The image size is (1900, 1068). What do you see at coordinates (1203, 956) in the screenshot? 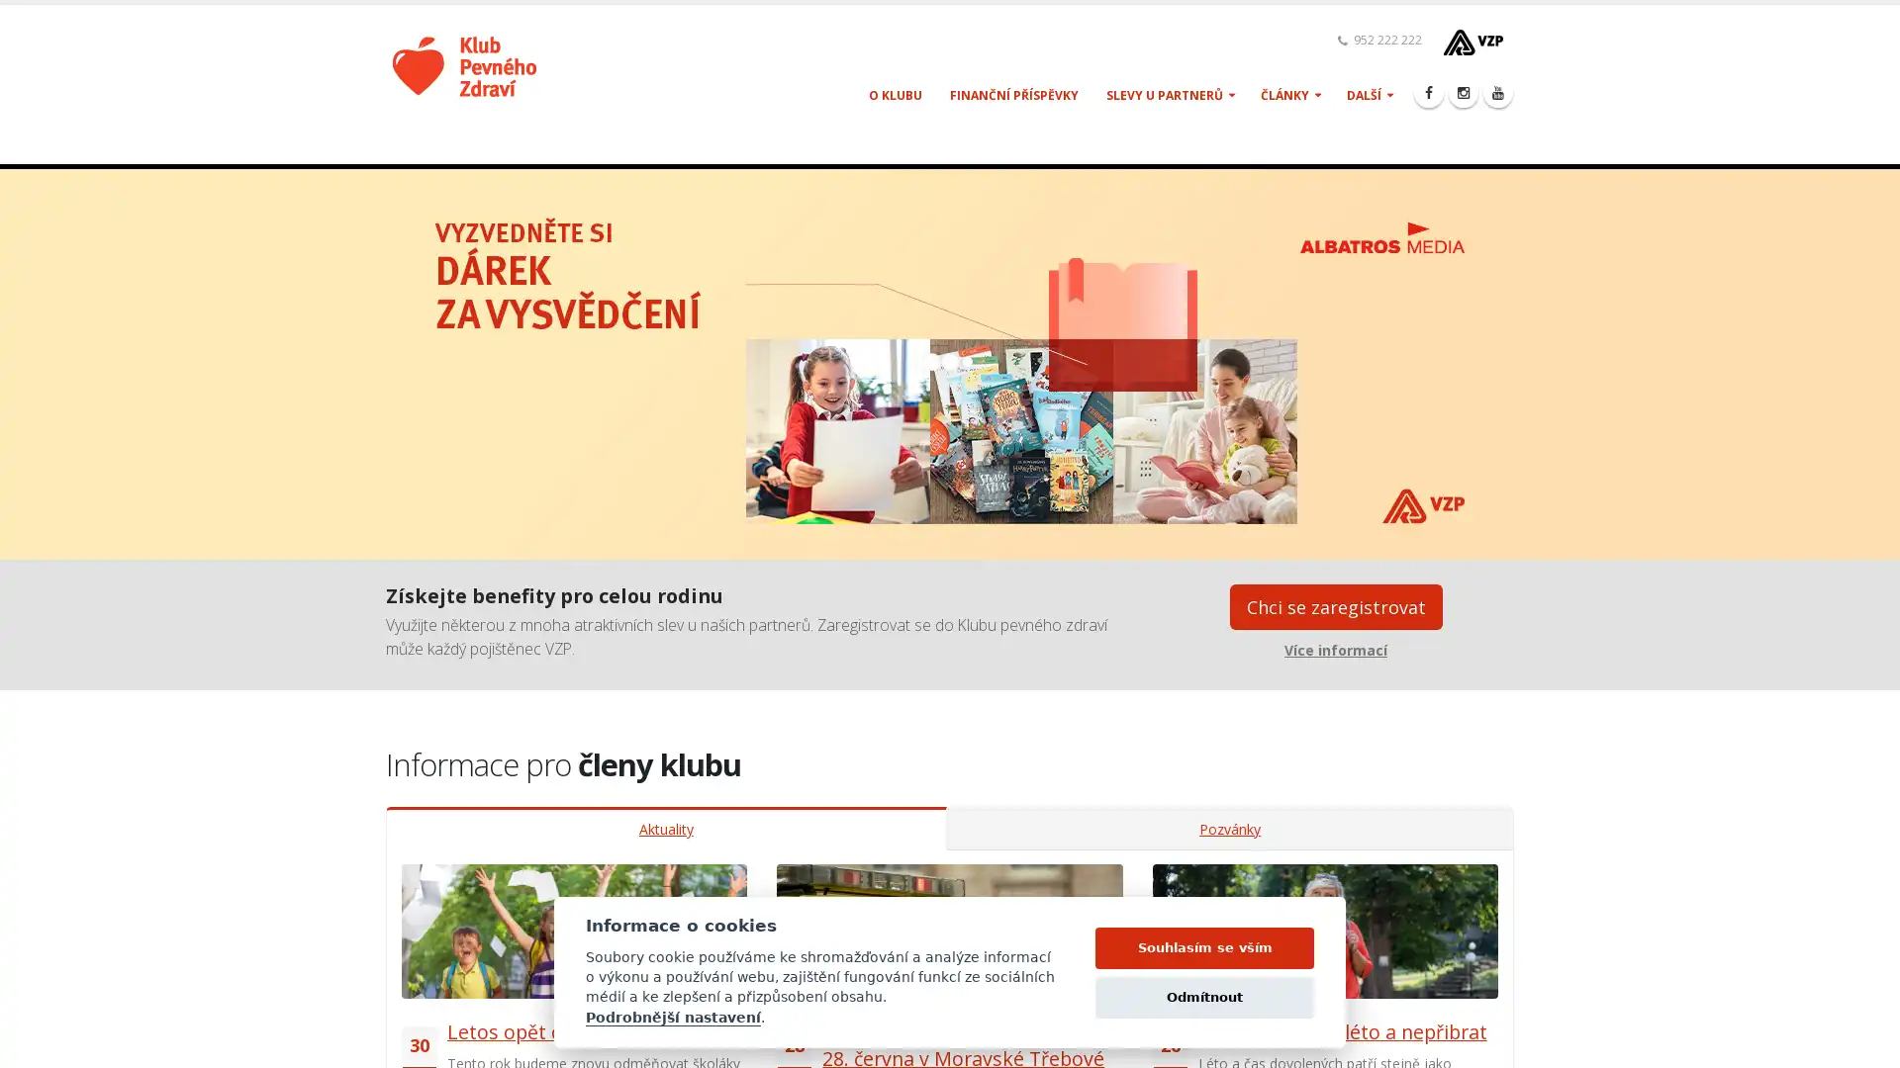
I see `Souhlasim se vsim` at bounding box center [1203, 956].